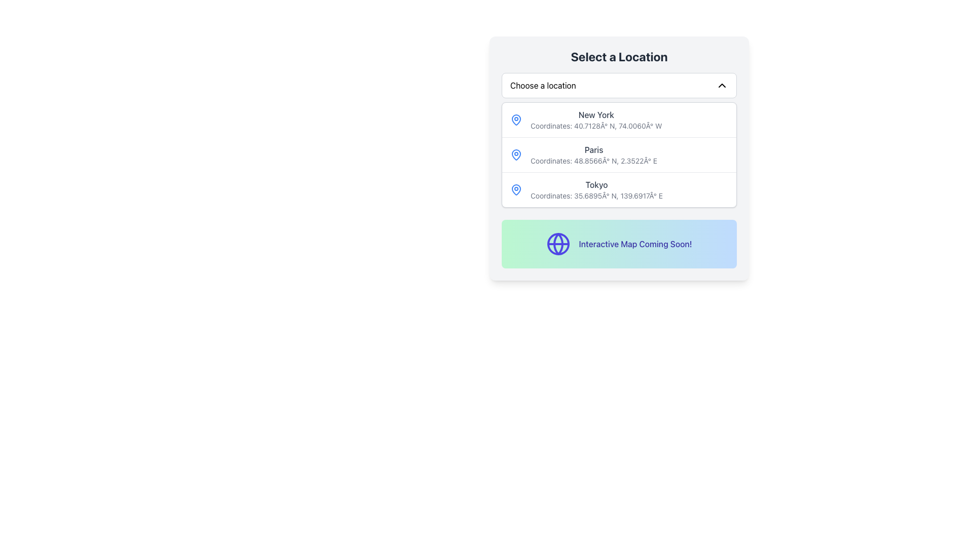 The height and width of the screenshot is (547, 973). What do you see at coordinates (722, 85) in the screenshot?
I see `the small downward chevron icon located at the far right edge of the 'Choose a location' button` at bounding box center [722, 85].